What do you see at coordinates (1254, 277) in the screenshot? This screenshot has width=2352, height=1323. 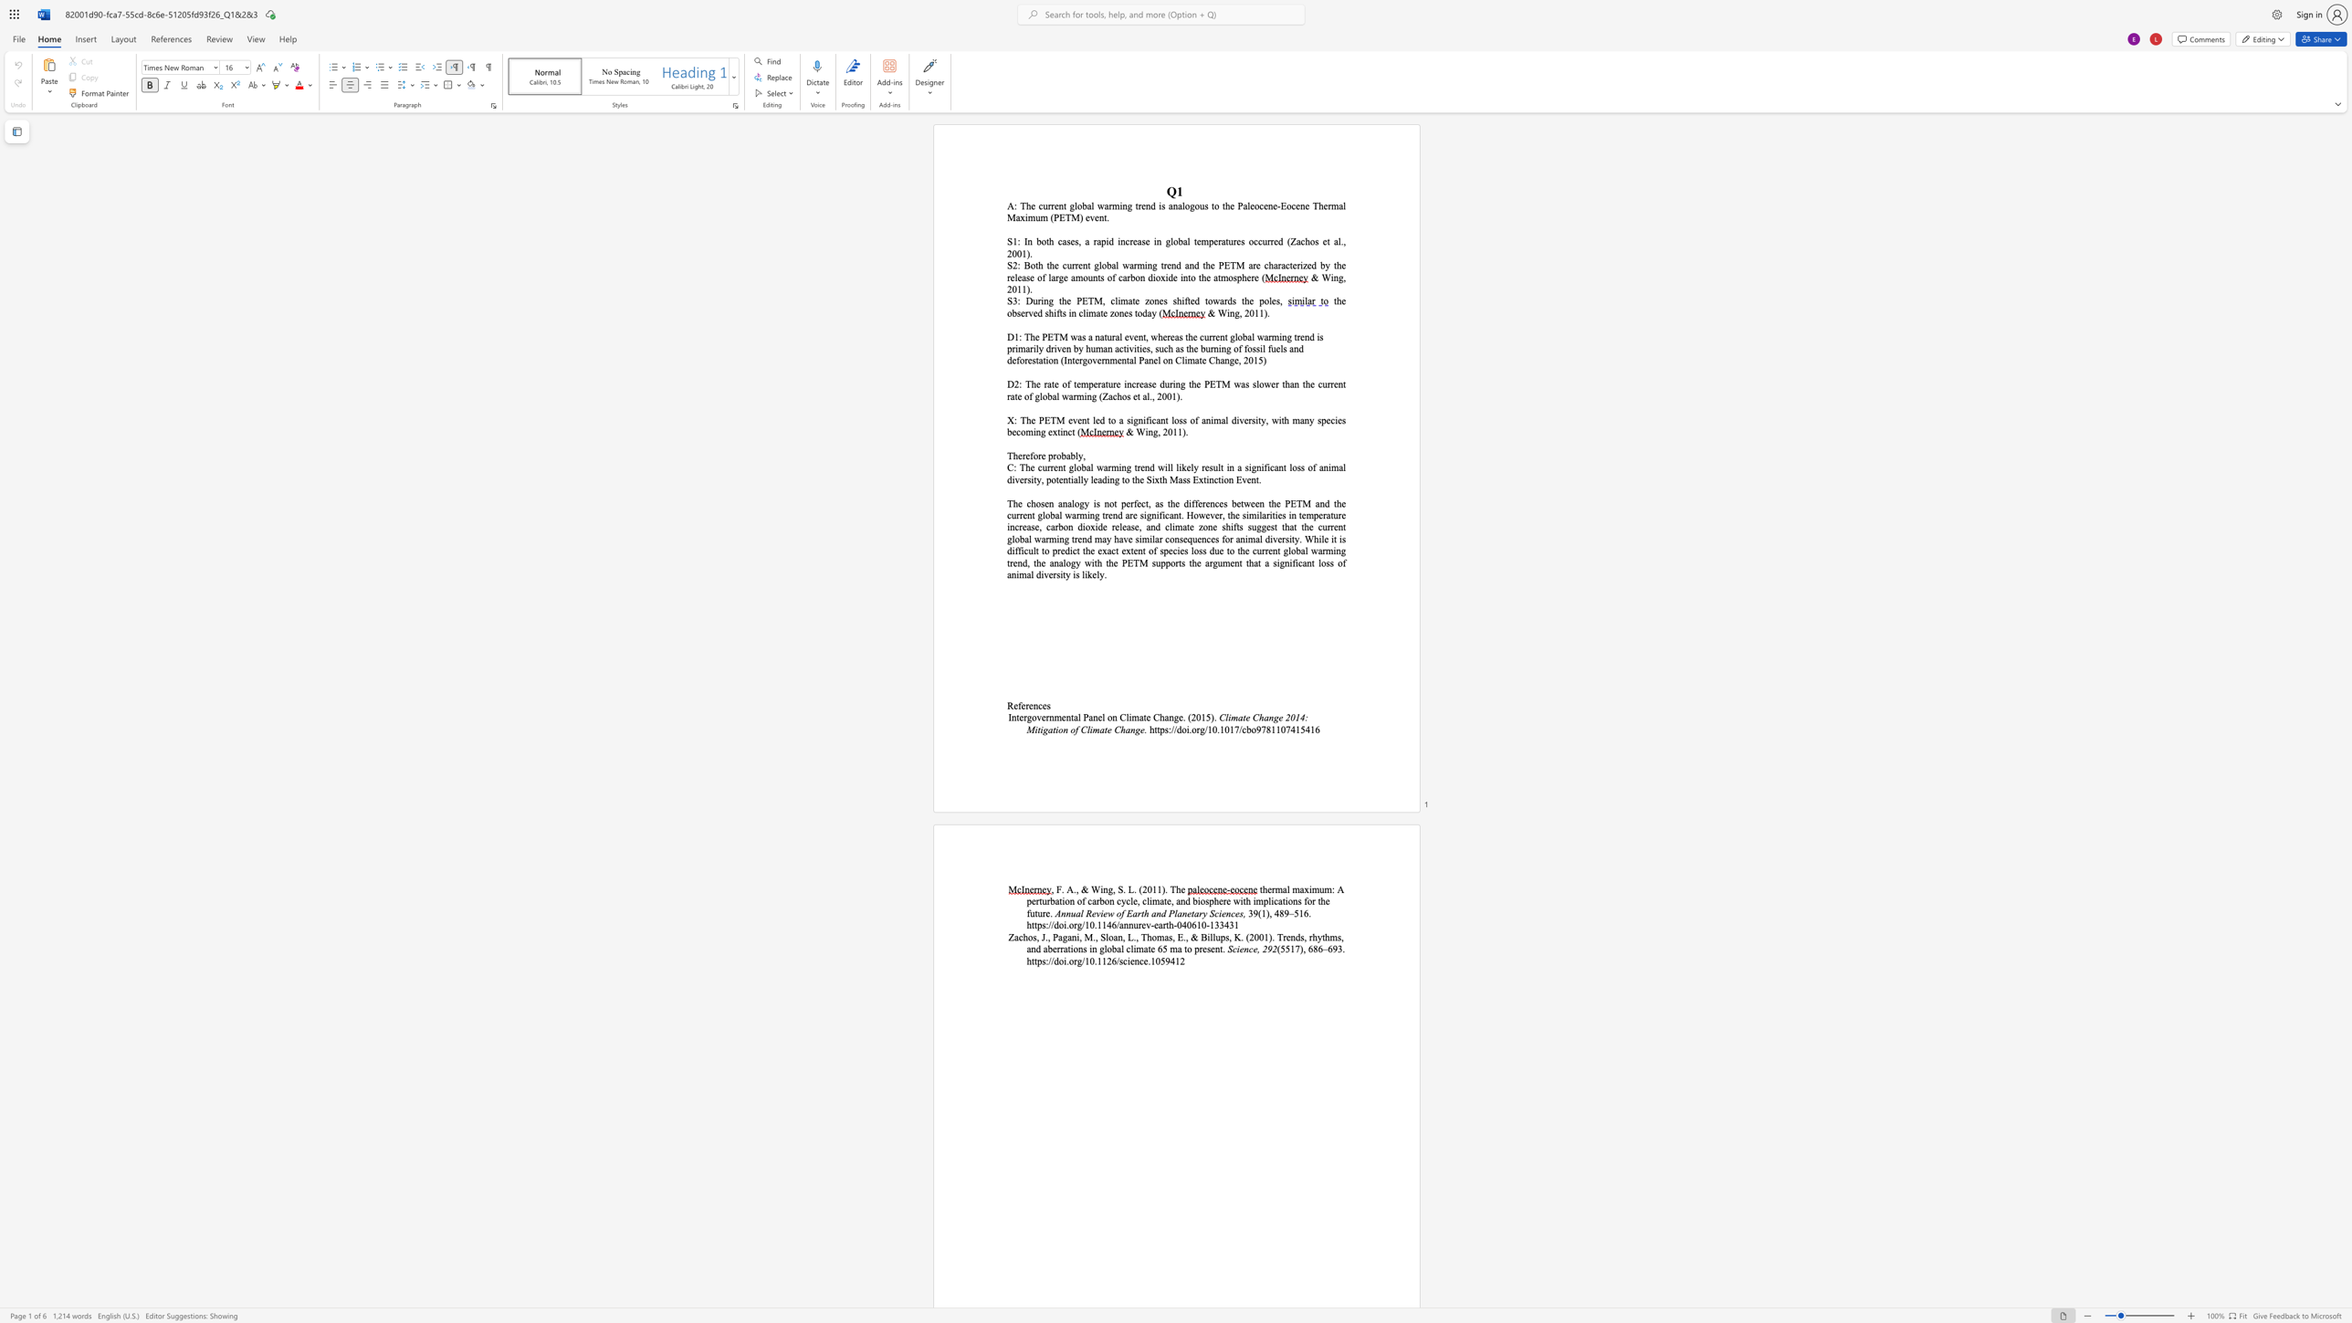 I see `the subset text "e (" within the text "of carbon dioxide into the atmosphere ("` at bounding box center [1254, 277].